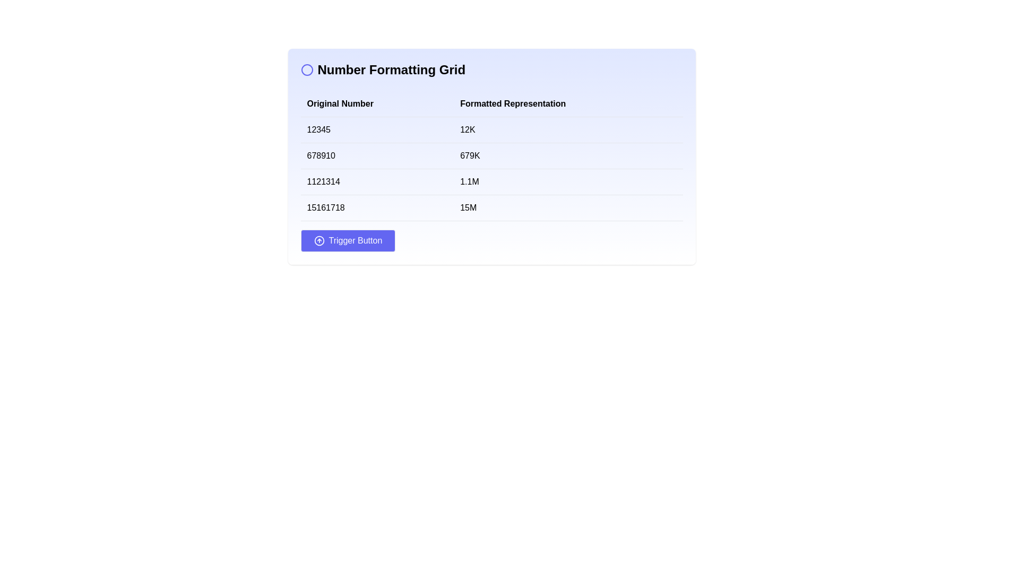  I want to click on the third row of the data table that contains the identifier '1121314' and the formatted value '1.1M', so click(491, 181).